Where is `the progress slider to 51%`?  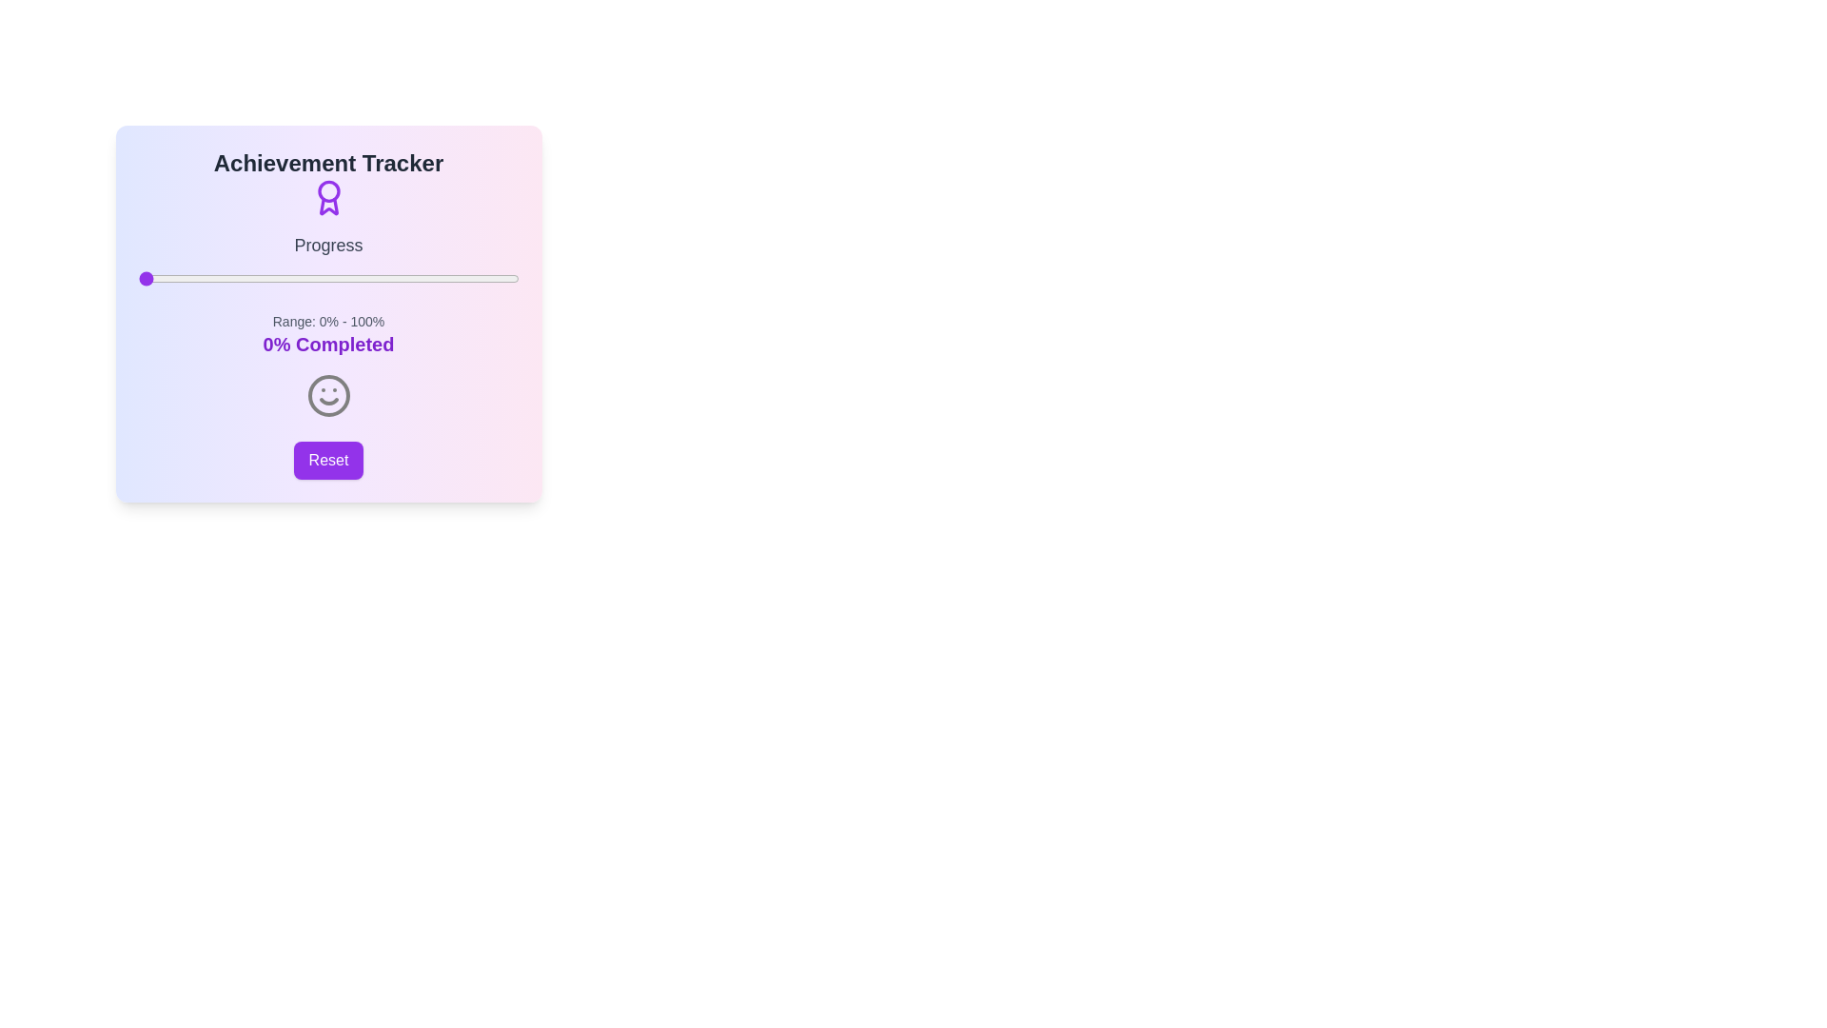
the progress slider to 51% is located at coordinates (332, 279).